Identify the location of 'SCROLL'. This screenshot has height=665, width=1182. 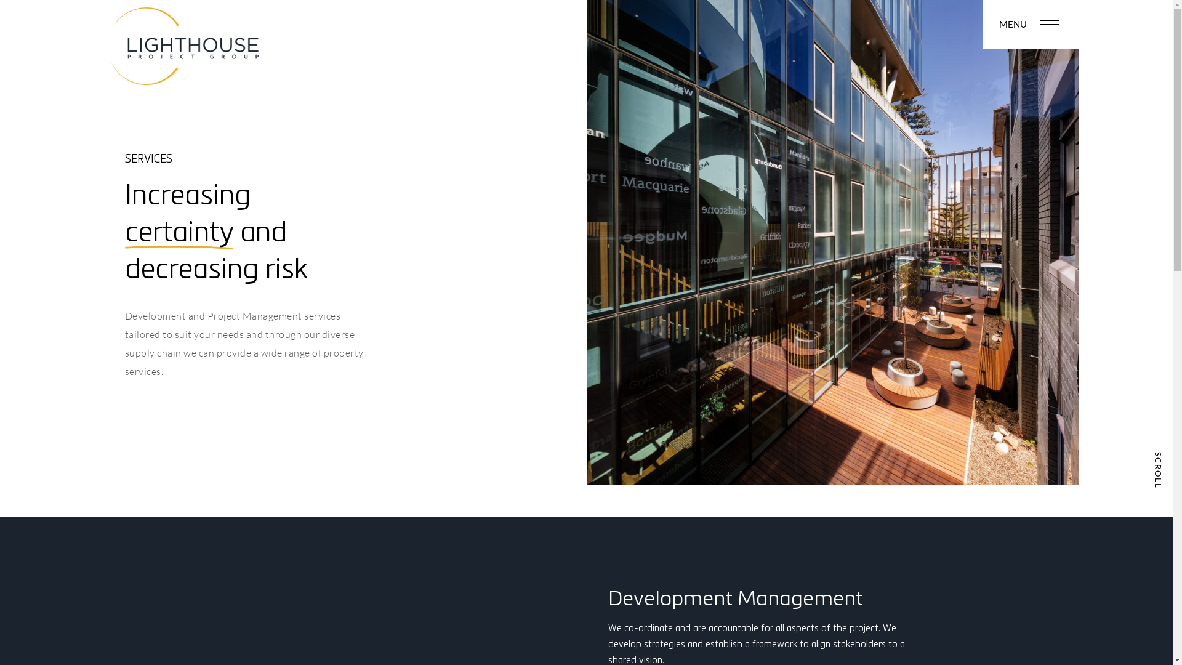
(1157, 465).